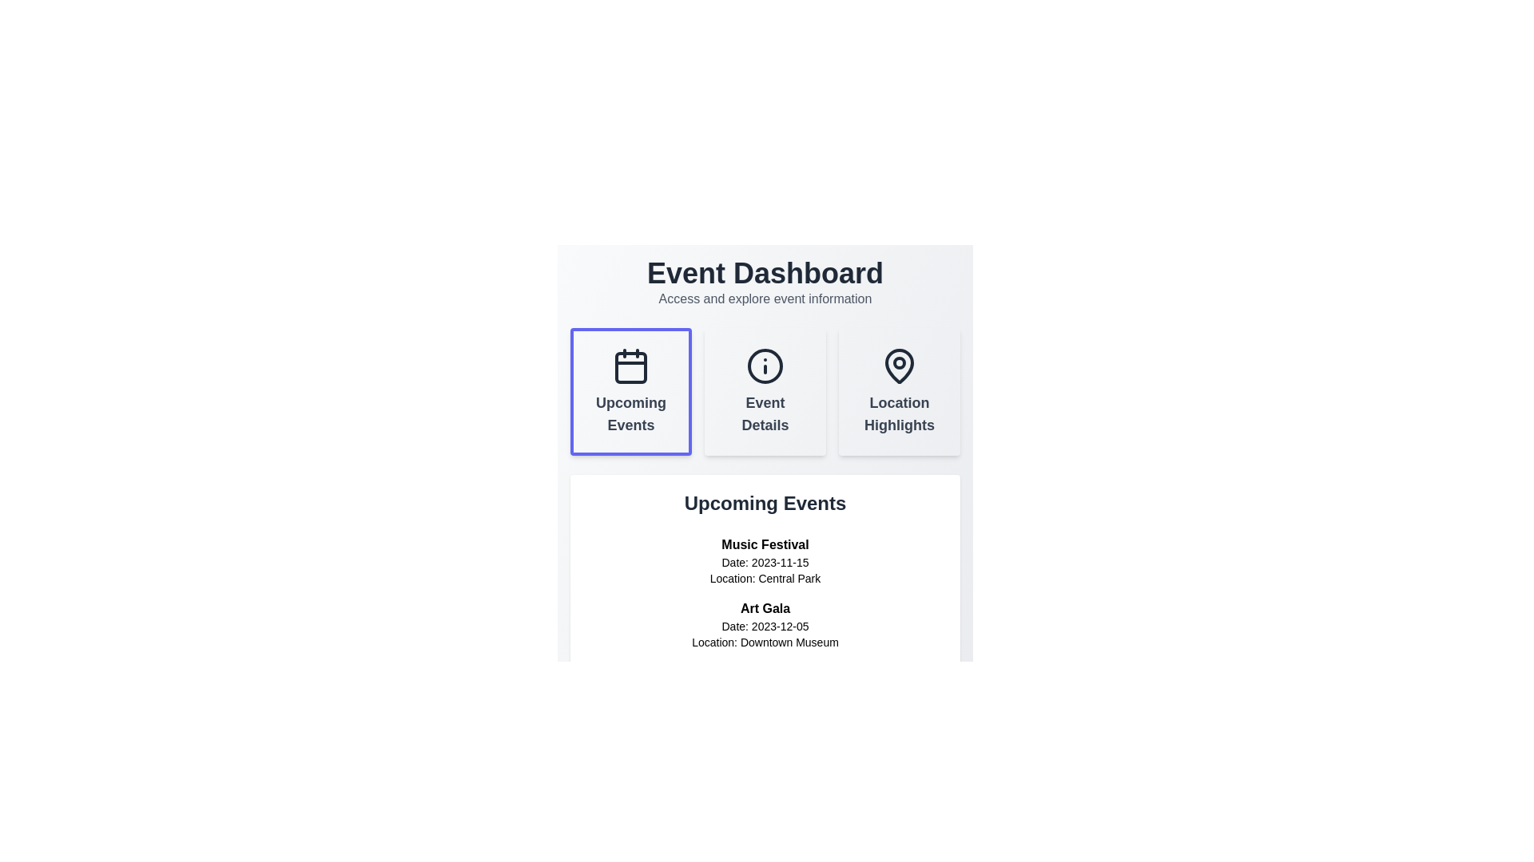 Image resolution: width=1534 pixels, height=862 pixels. What do you see at coordinates (765, 366) in the screenshot?
I see `the circular graphical element representing 'Event Details', located in the top center section of the interface` at bounding box center [765, 366].